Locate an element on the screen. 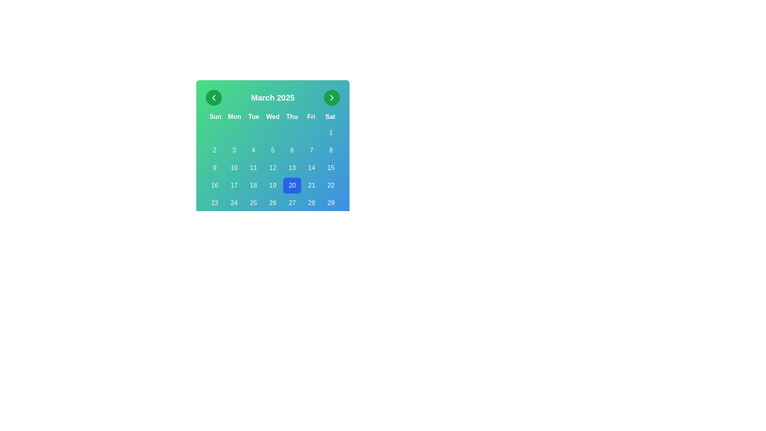 This screenshot has width=766, height=431. on the button-like interactive calendar day cell representing the 15th day is located at coordinates (331, 167).